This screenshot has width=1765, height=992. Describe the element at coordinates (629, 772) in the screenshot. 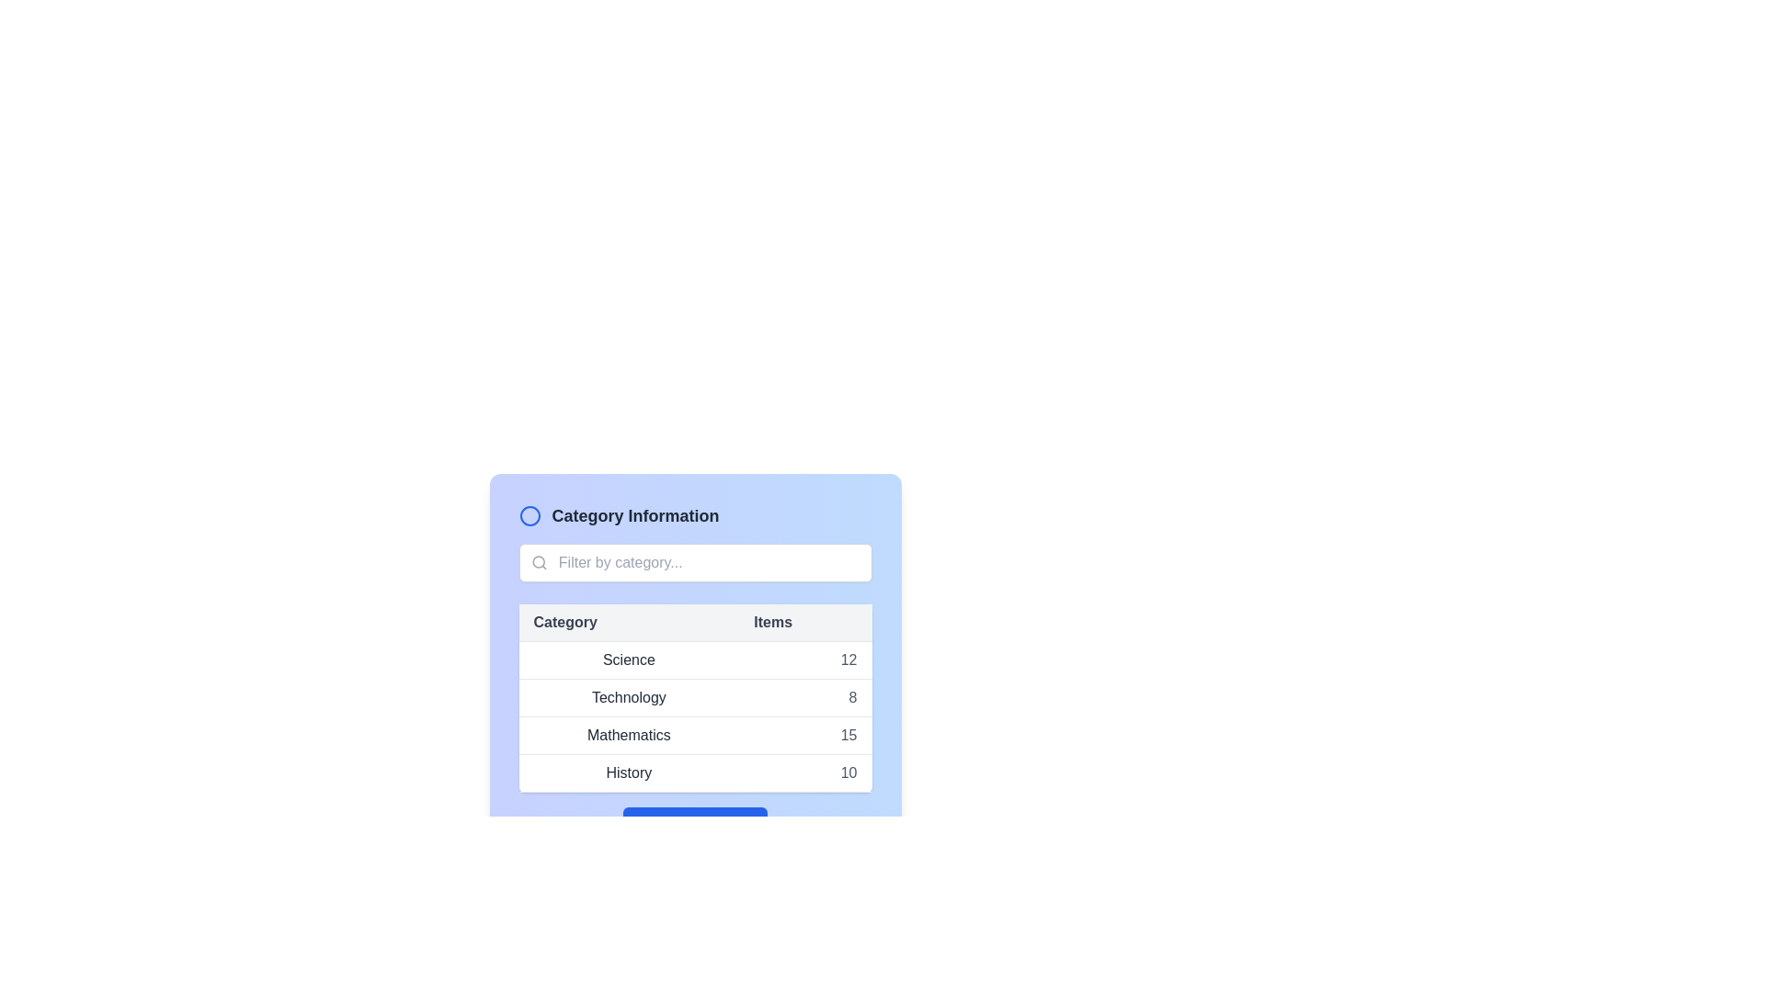

I see `the 'History' text label in the fourth row of the 'Category' column in the table, which displays the category names` at that location.